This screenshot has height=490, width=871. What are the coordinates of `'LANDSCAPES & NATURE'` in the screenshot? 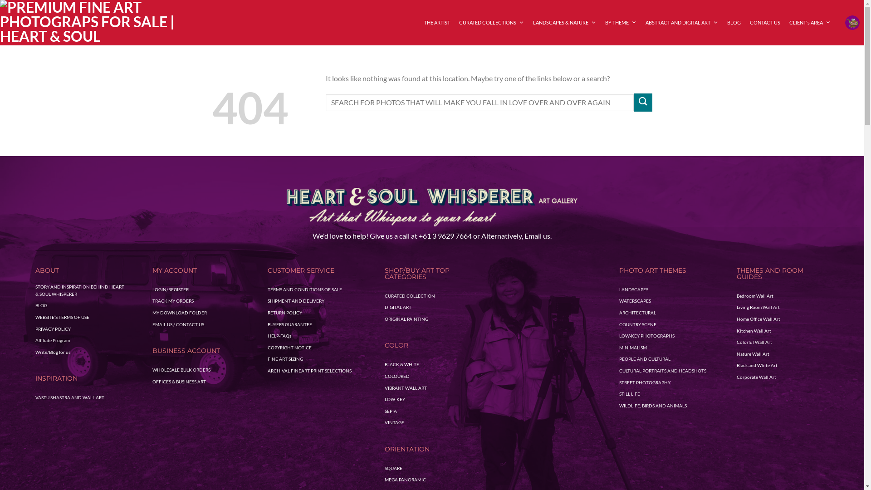 It's located at (528, 22).